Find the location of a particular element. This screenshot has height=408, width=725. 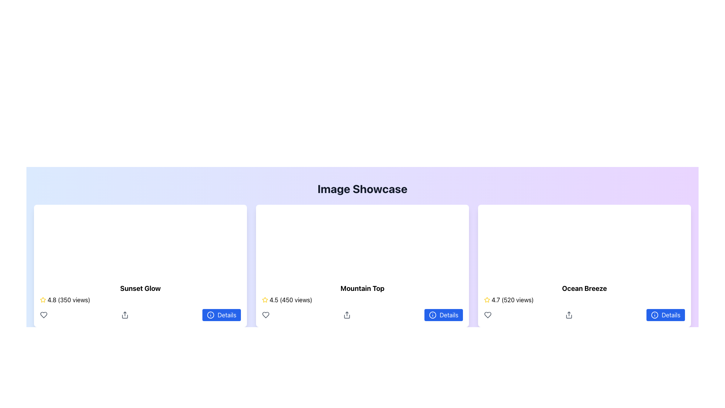

the heart-shaped icon located at the bottom left of the 'Mountain Top' card is located at coordinates (266, 315).